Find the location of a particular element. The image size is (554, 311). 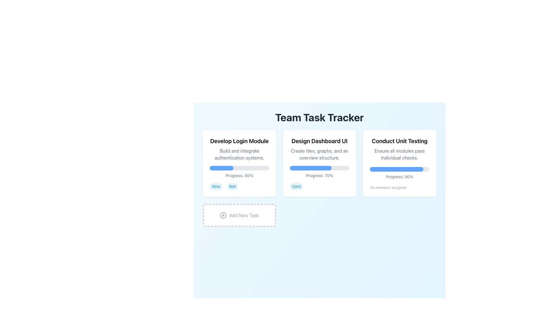

the progress bar value is located at coordinates (215, 168).